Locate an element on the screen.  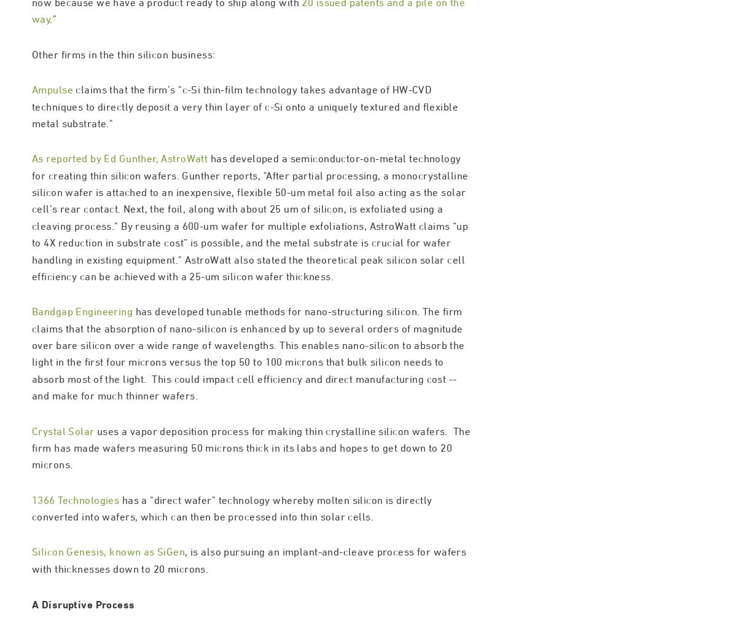
'has developed tunable methods for nano-structuring silicon. The firm claims that the absorption of nano-silicon is enhanced by up to several orders of magnitude over bare silicon over a wide range of wavelengths. This enables nano-silicon to absorb the light in the first four microns versus the top 50 to 100 microns that bulk silicon needs to absorb most of the light.  This could impact cell efficiency and direct manufacturing cost -- and make for much thinner wafers.' is located at coordinates (248, 405).